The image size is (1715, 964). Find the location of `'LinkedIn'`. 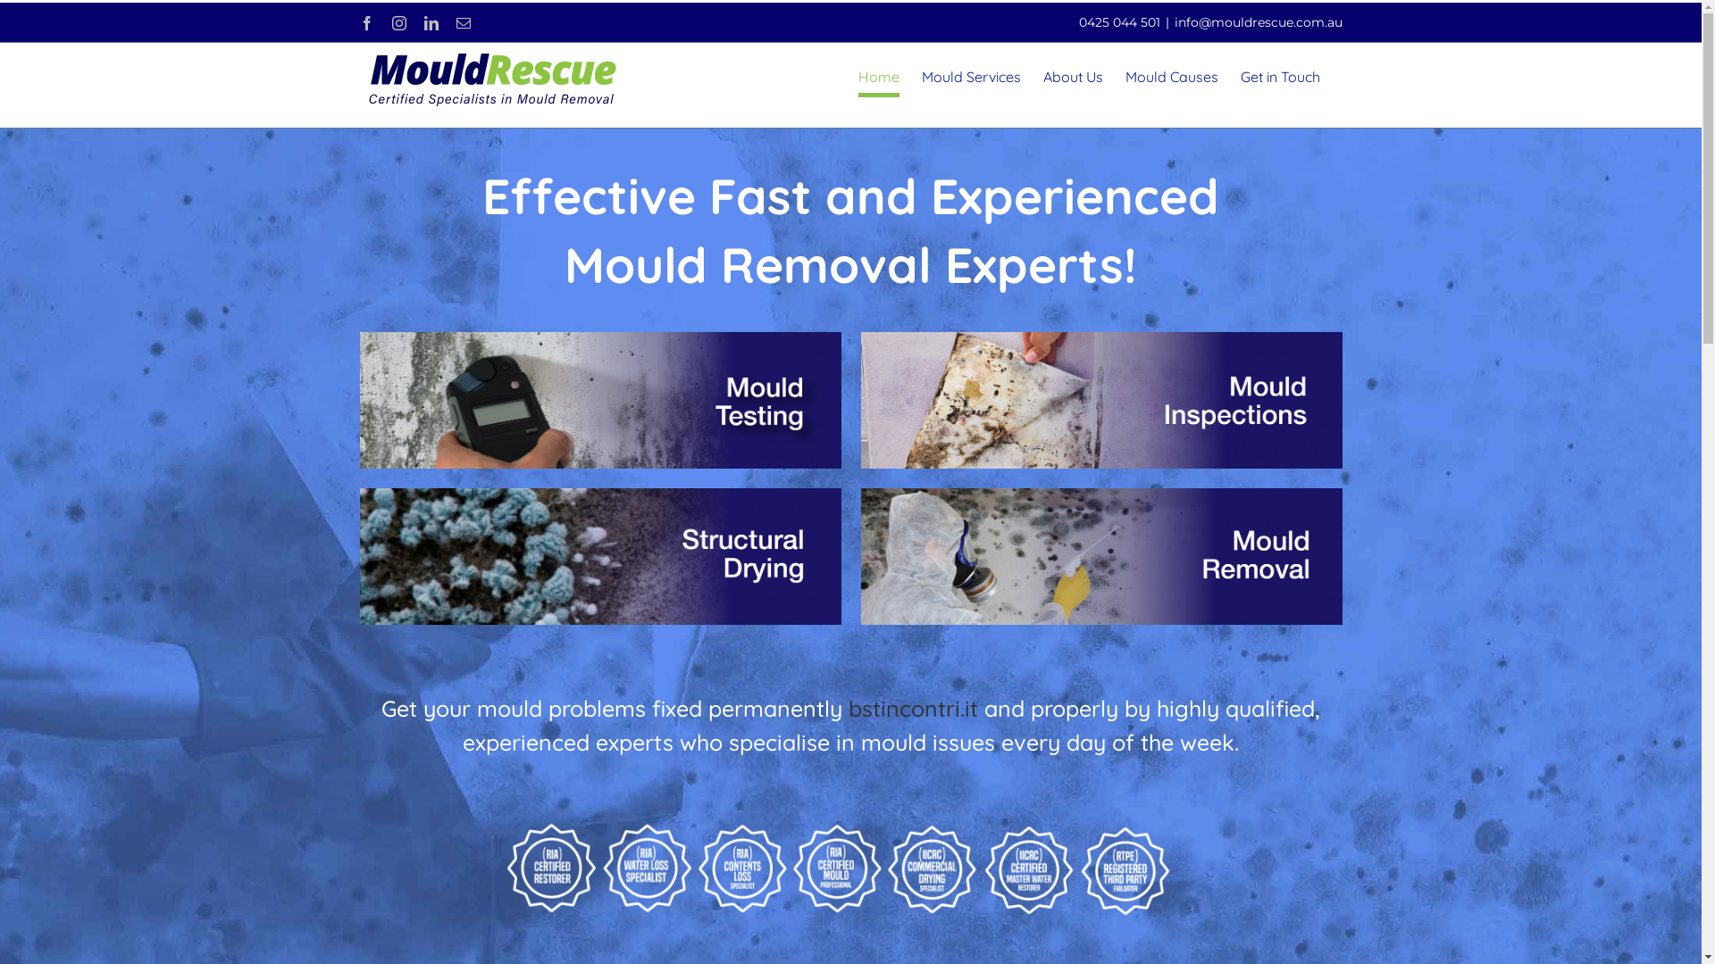

'LinkedIn' is located at coordinates (430, 23).